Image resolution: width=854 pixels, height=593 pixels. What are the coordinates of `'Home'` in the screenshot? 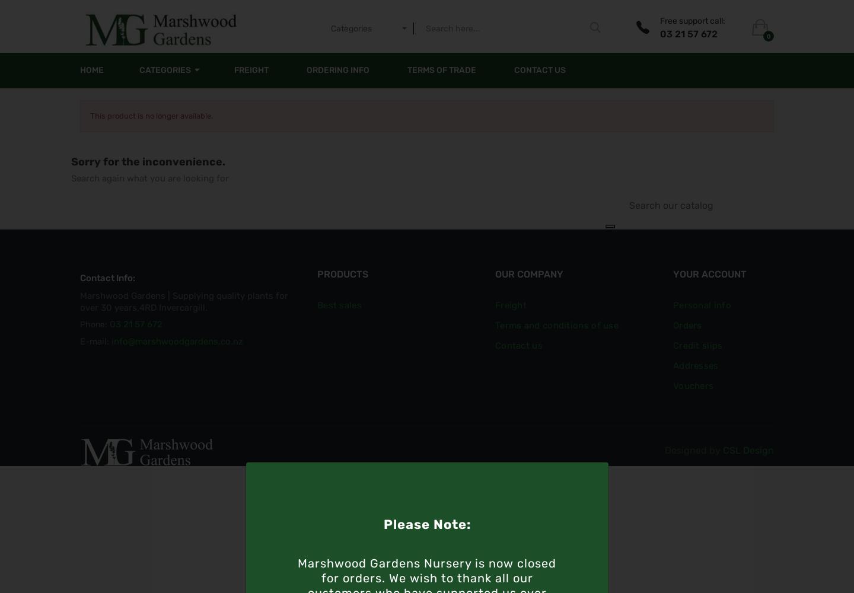 It's located at (91, 69).